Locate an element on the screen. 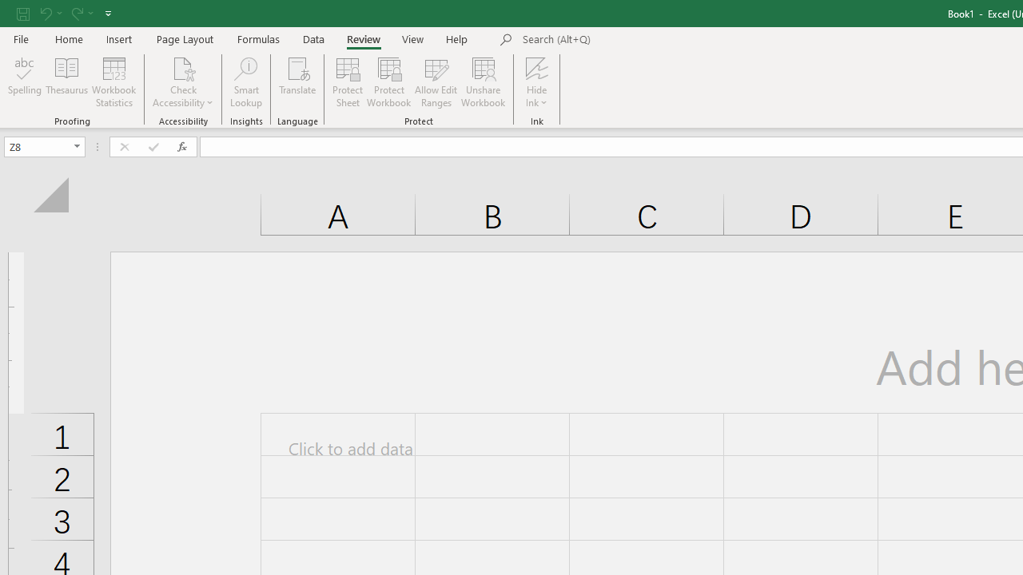 Image resolution: width=1023 pixels, height=575 pixels. 'Workbook Statistics' is located at coordinates (113, 82).